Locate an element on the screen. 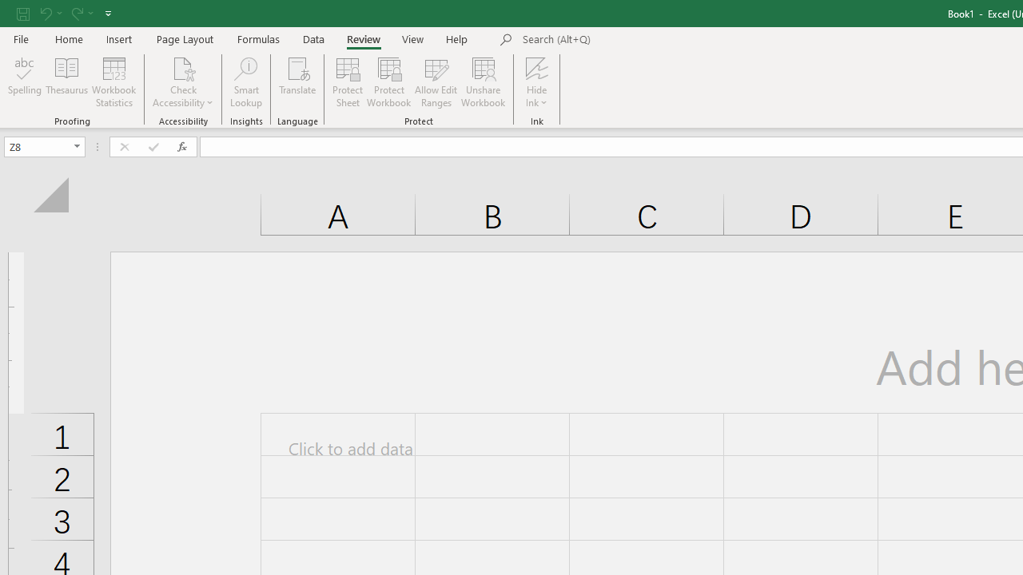 Image resolution: width=1023 pixels, height=575 pixels. 'Workbook Statistics' is located at coordinates (113, 82).